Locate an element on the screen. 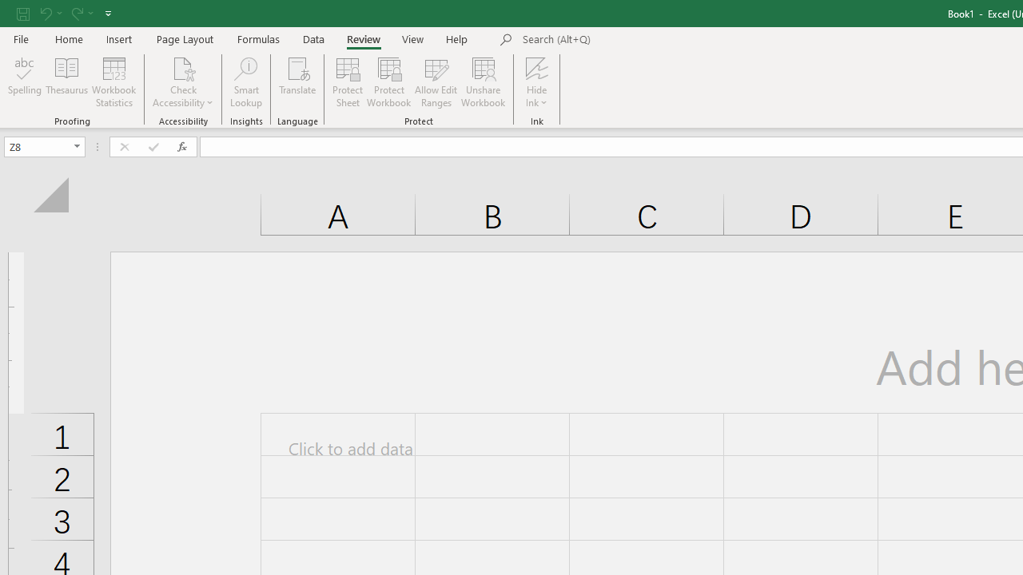 Image resolution: width=1023 pixels, height=575 pixels. 'Workbook Statistics' is located at coordinates (113, 82).